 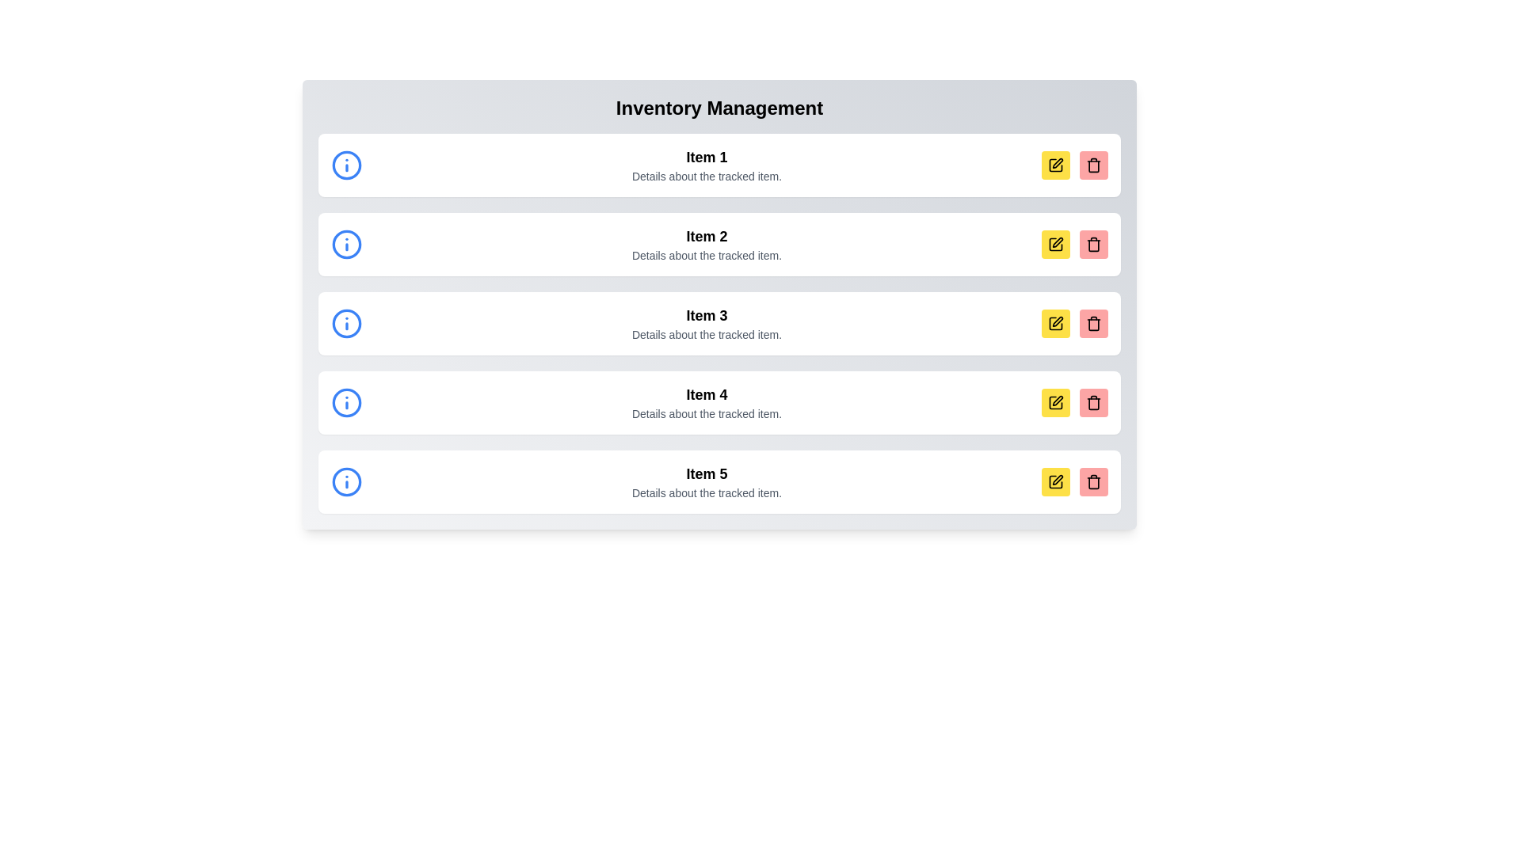 I want to click on the information icon represented by the SVG circle located to the left of 'Item 3', so click(x=345, y=322).